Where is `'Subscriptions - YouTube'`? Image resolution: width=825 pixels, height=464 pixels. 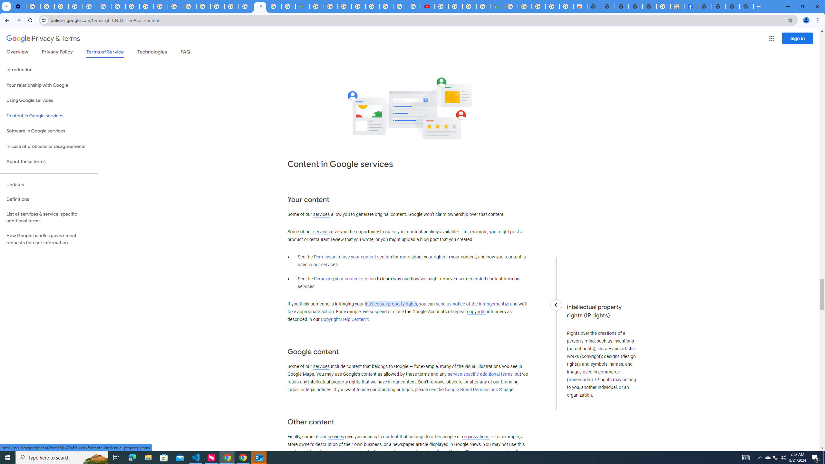
'Subscriptions - YouTube' is located at coordinates (427, 6).